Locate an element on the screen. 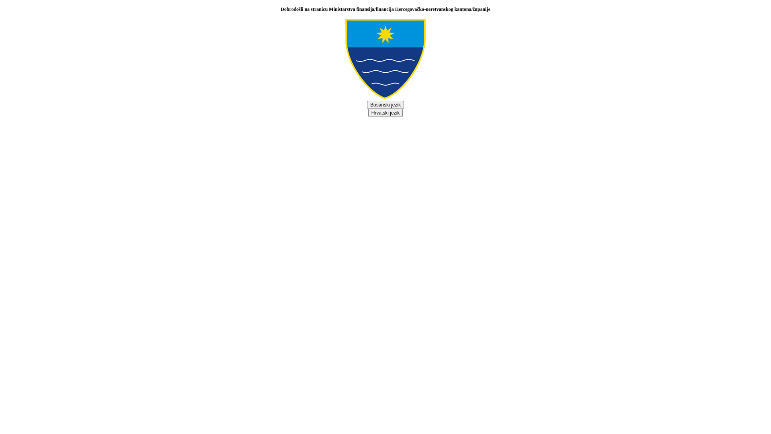 The image size is (771, 434). 'Bosanski jezik' is located at coordinates (385, 104).